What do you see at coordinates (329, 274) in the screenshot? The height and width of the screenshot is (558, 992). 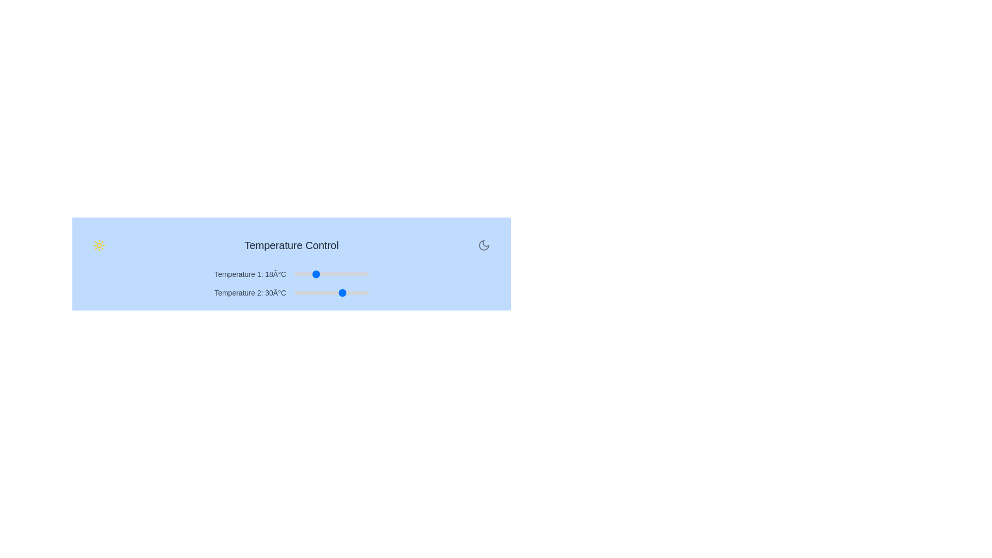 I see `Temperature 1` at bounding box center [329, 274].